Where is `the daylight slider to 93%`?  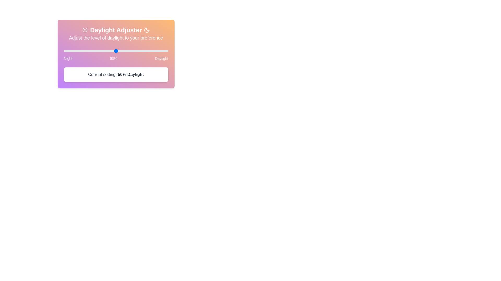 the daylight slider to 93% is located at coordinates (160, 51).